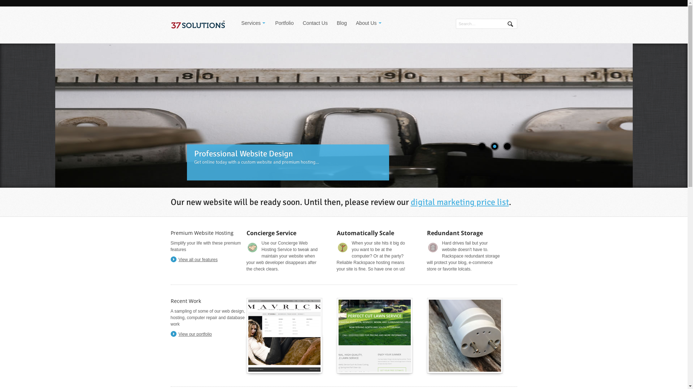 Image resolution: width=693 pixels, height=389 pixels. What do you see at coordinates (284, 336) in the screenshot?
I see `'Mavrick Fit Models'` at bounding box center [284, 336].